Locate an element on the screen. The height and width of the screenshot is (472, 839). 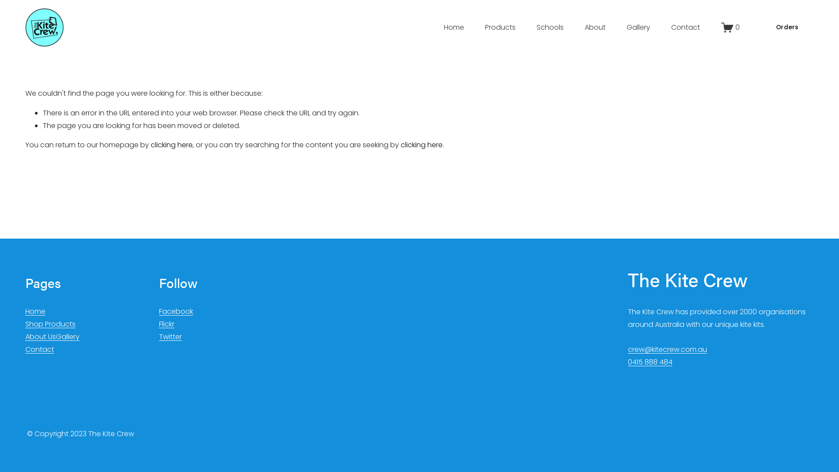
'Facebook' is located at coordinates (176, 311).